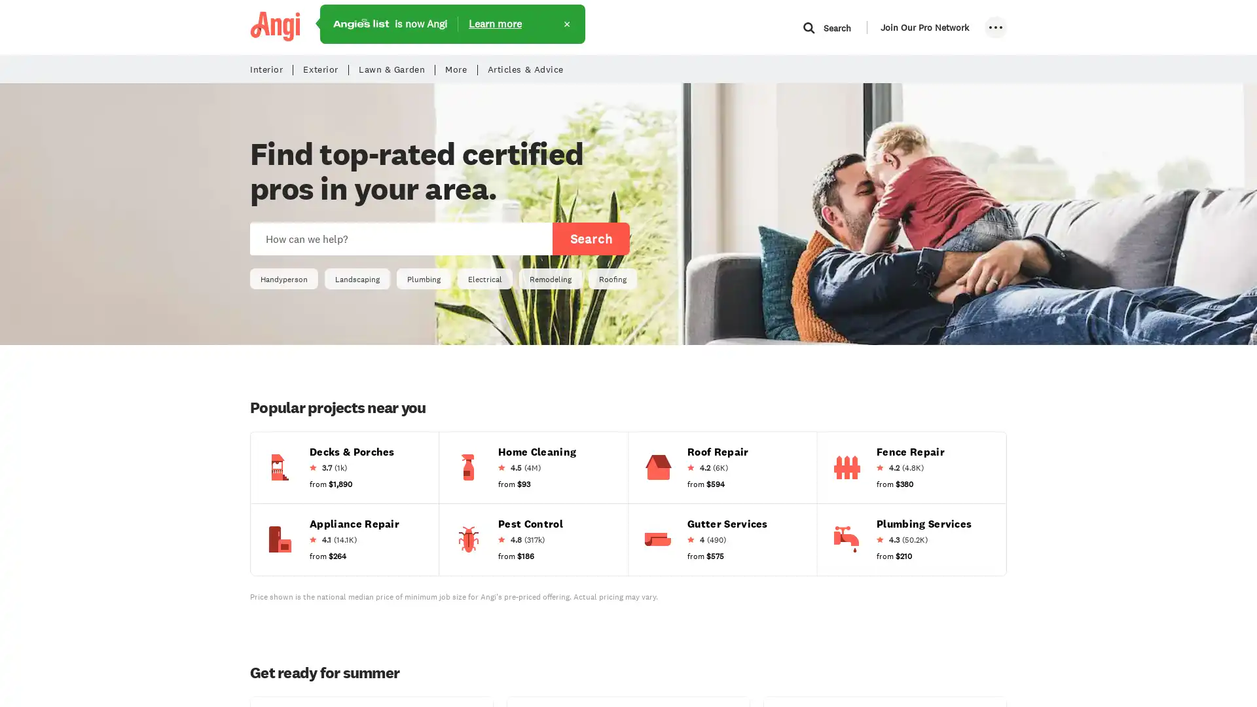 The width and height of the screenshot is (1257, 707). Describe the element at coordinates (717, 446) in the screenshot. I see `Submit a request for Roofing Installation & Roof Repair.` at that location.